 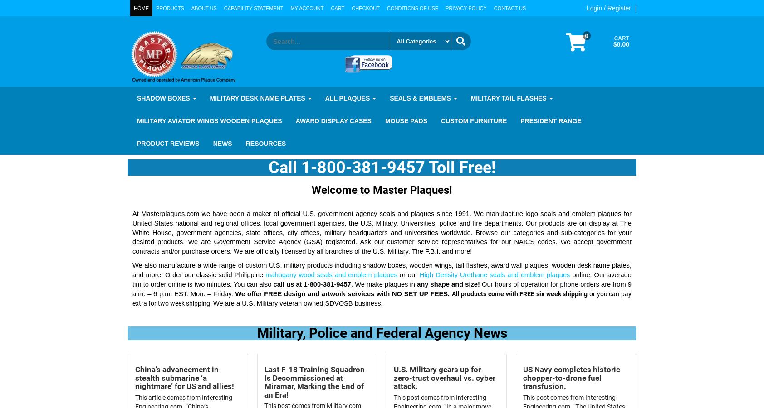 What do you see at coordinates (608, 8) in the screenshot?
I see `'Login / Register'` at bounding box center [608, 8].